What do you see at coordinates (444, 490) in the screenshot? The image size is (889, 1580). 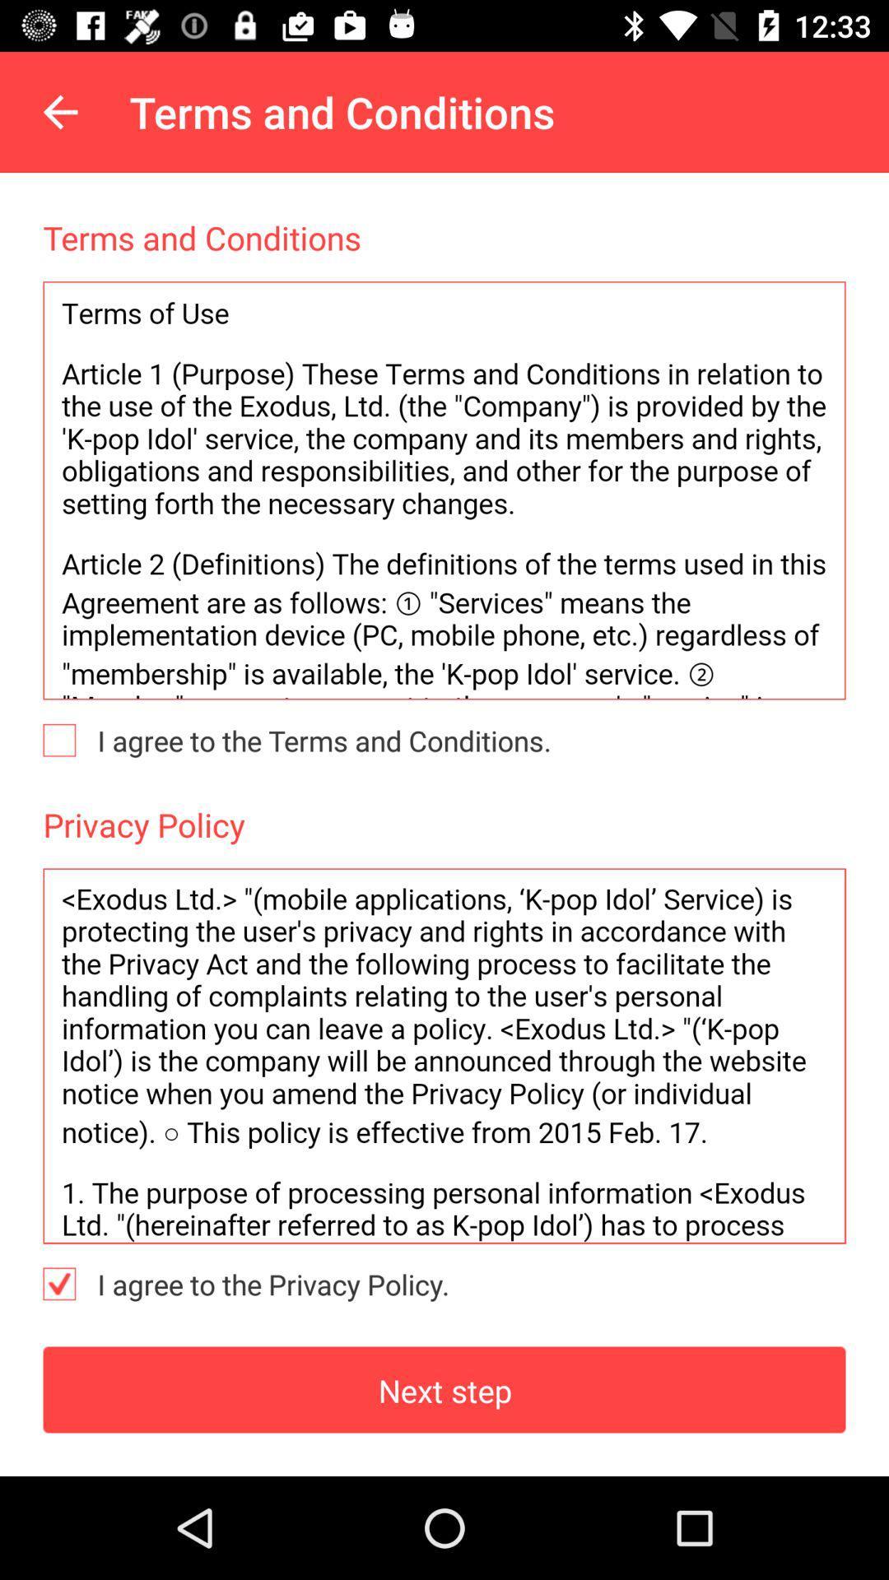 I see `read terms of use` at bounding box center [444, 490].